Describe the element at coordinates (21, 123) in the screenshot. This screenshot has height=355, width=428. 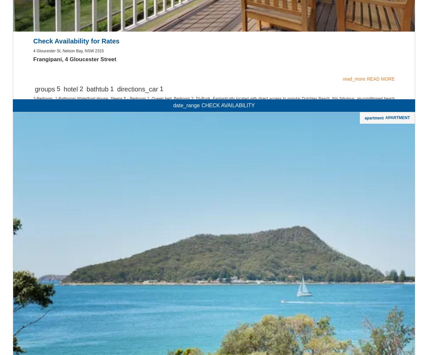
I see `'Lemon Tree Passage'` at that location.